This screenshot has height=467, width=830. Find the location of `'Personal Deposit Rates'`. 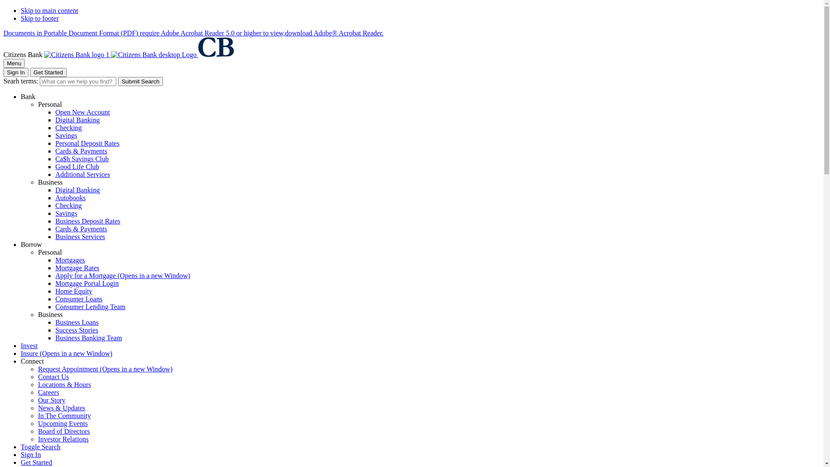

'Personal Deposit Rates' is located at coordinates (55, 143).